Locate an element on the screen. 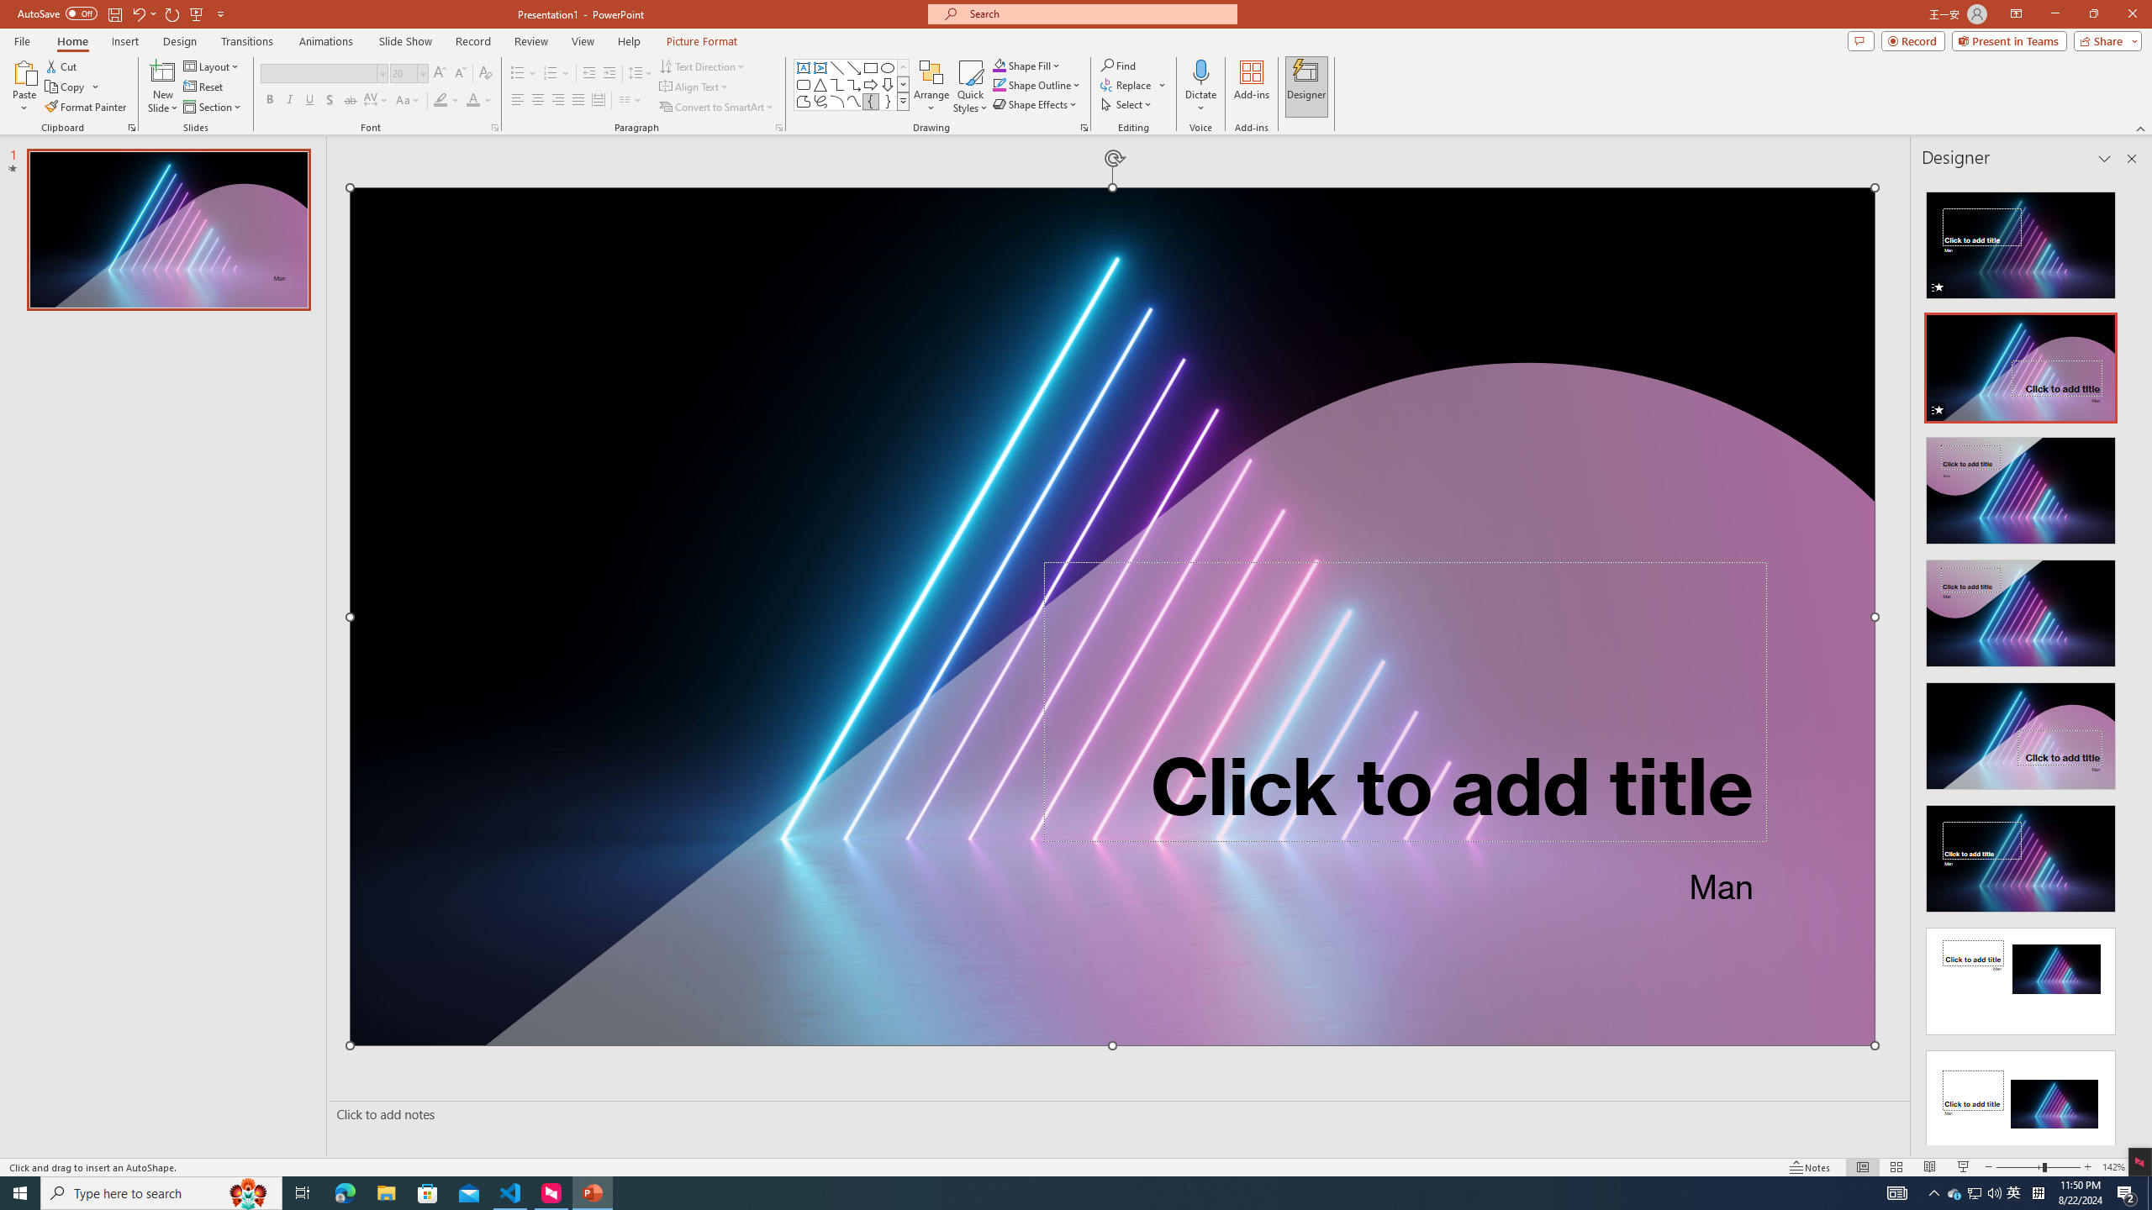 The width and height of the screenshot is (2152, 1210). 'Zoom 142%' is located at coordinates (2114, 1167).